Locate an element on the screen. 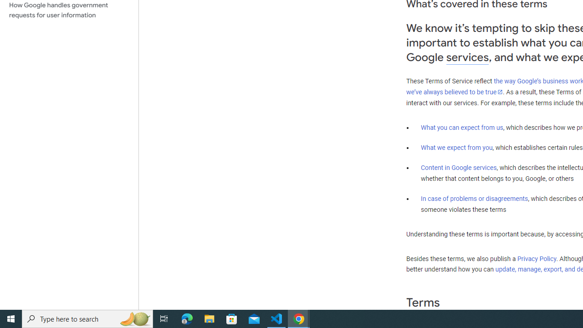 The width and height of the screenshot is (583, 328). 'What you can expect from us' is located at coordinates (462, 127).